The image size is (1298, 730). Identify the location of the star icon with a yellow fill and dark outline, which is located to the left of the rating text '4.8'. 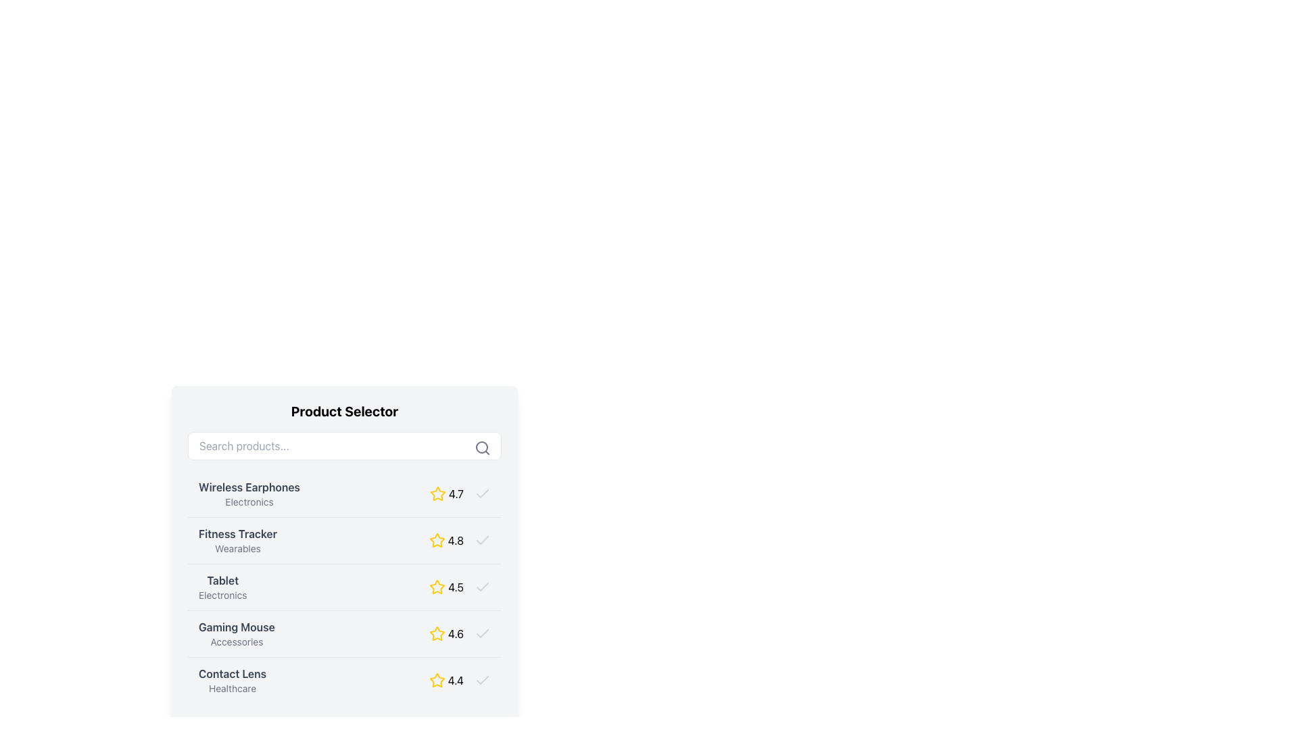
(437, 539).